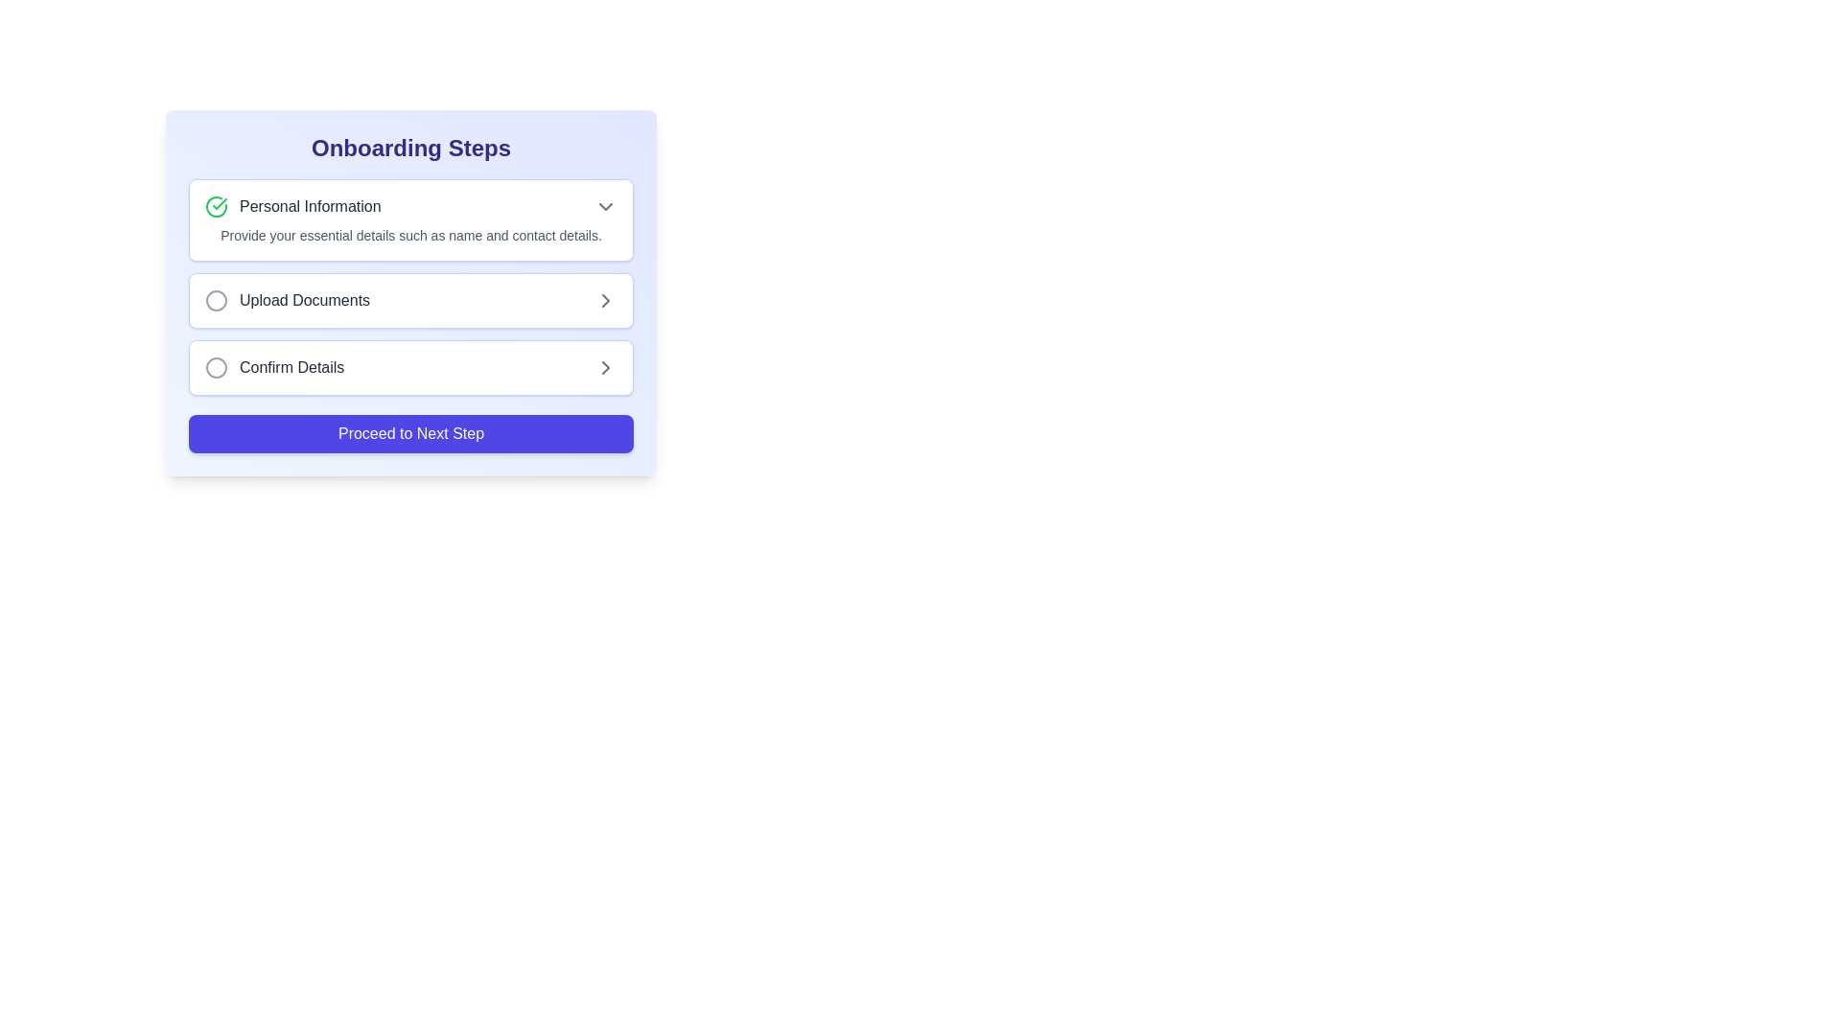 The height and width of the screenshot is (1035, 1841). Describe the element at coordinates (291, 368) in the screenshot. I see `label displaying 'Confirm Details' which is part of the onboarding steps list, located between a circular icon and an arrow icon` at that location.